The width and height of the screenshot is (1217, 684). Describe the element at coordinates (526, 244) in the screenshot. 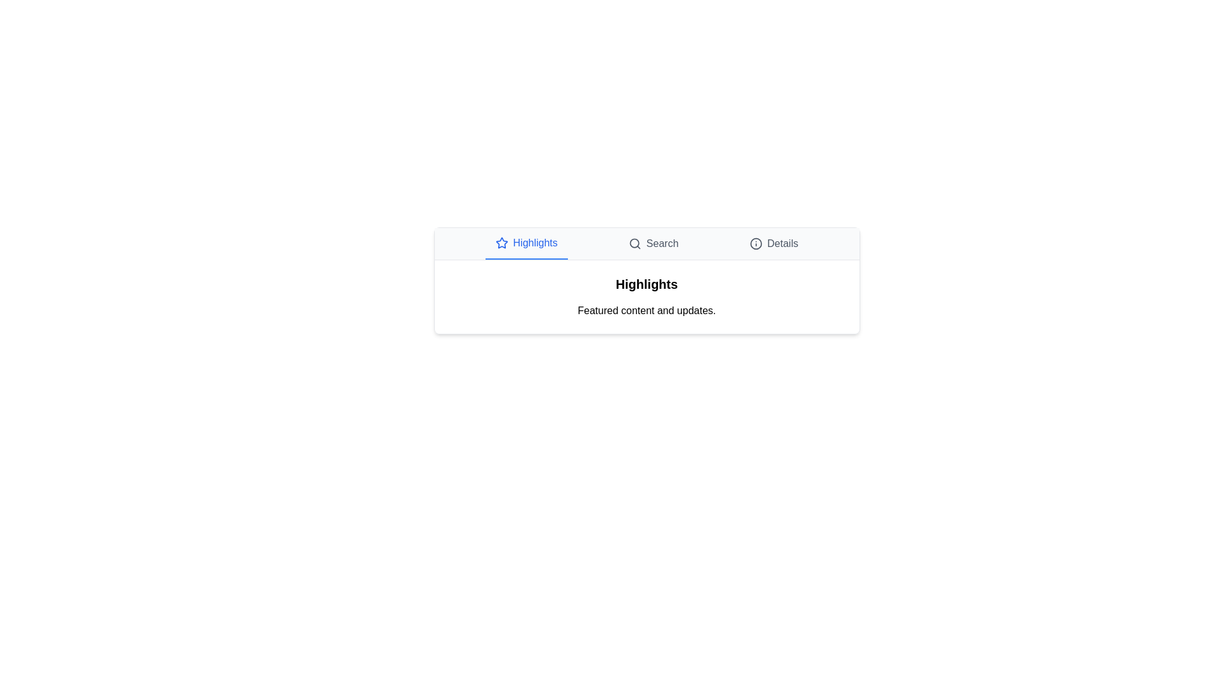

I see `the Highlights tab by clicking on its title` at that location.